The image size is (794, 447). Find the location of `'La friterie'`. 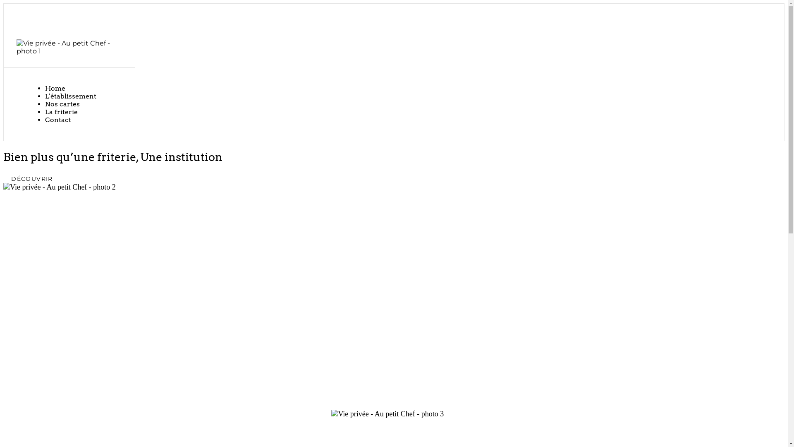

'La friterie' is located at coordinates (61, 112).